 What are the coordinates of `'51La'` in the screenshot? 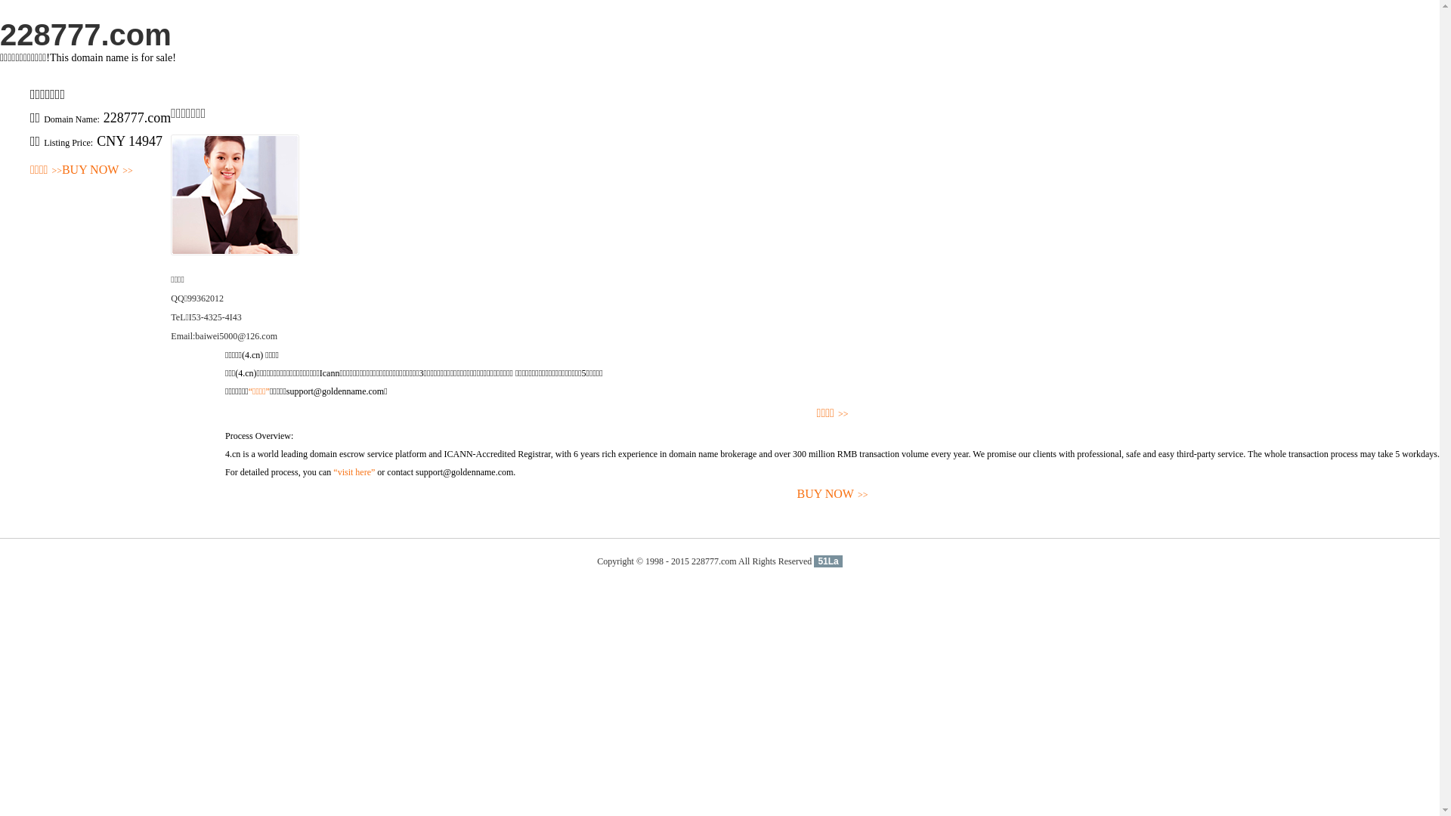 It's located at (827, 561).